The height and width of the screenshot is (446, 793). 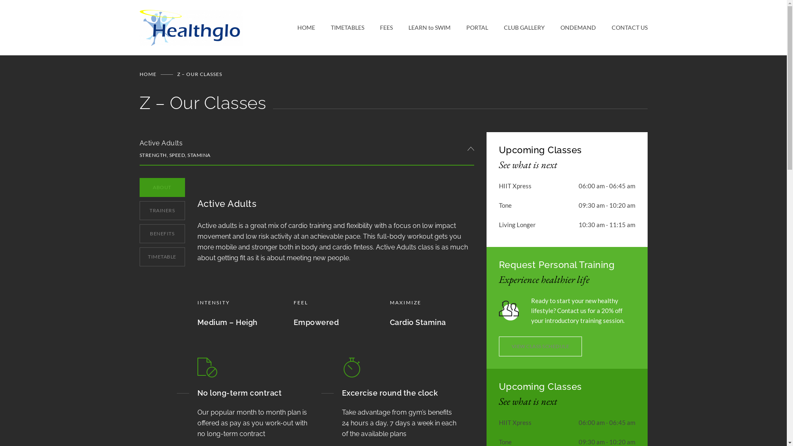 What do you see at coordinates (148, 74) in the screenshot?
I see `'HOME'` at bounding box center [148, 74].